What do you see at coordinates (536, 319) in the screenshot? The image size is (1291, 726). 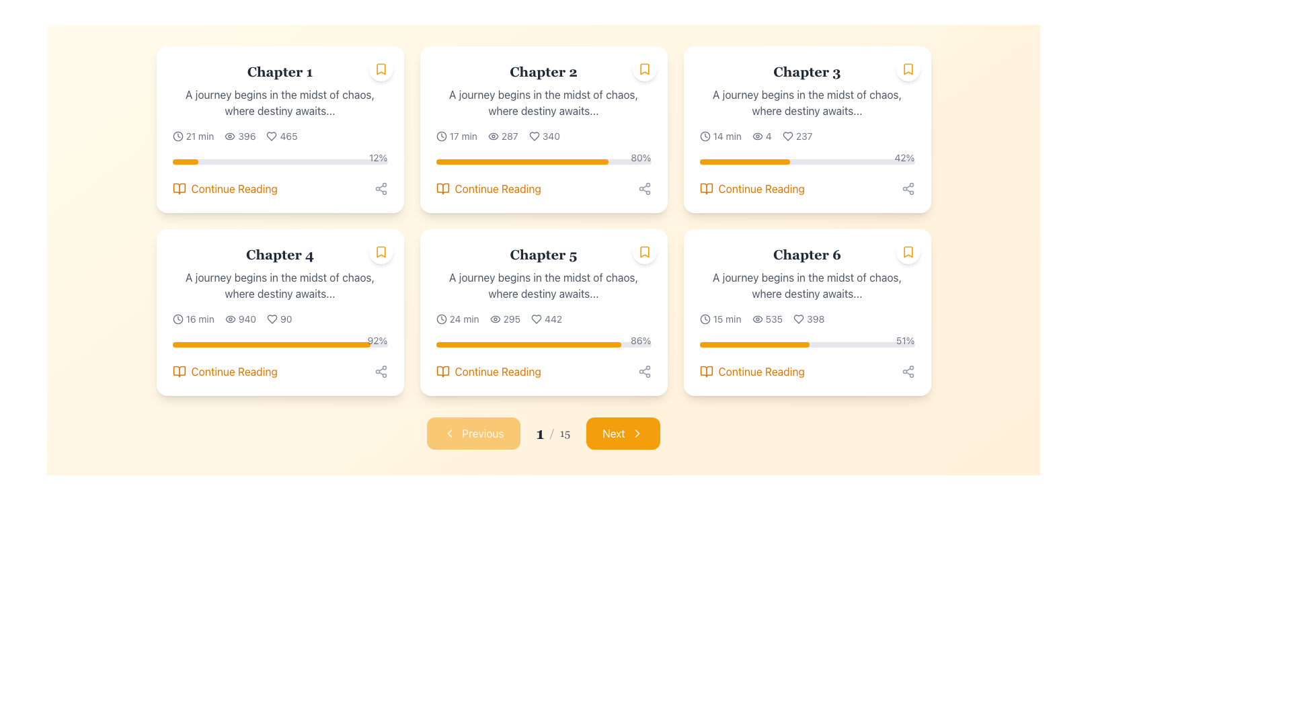 I see `the heart-shaped SVG icon representing a 'like' or 'favorite' count located to the left of the number '442' in the Chapter 5 card, positioned in the second row and first column of the grid layout` at bounding box center [536, 319].